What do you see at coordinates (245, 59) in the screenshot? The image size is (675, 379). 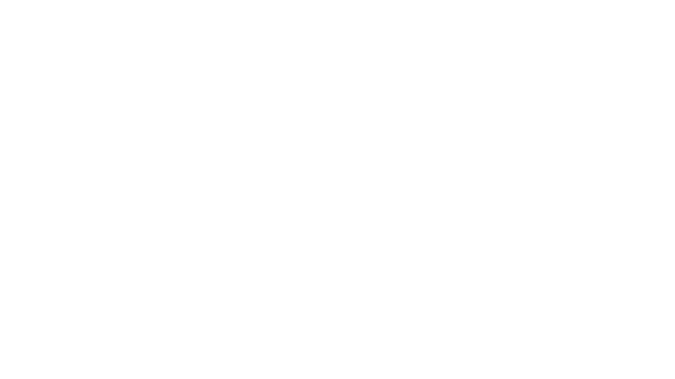 I see `Creation culinaire` at bounding box center [245, 59].